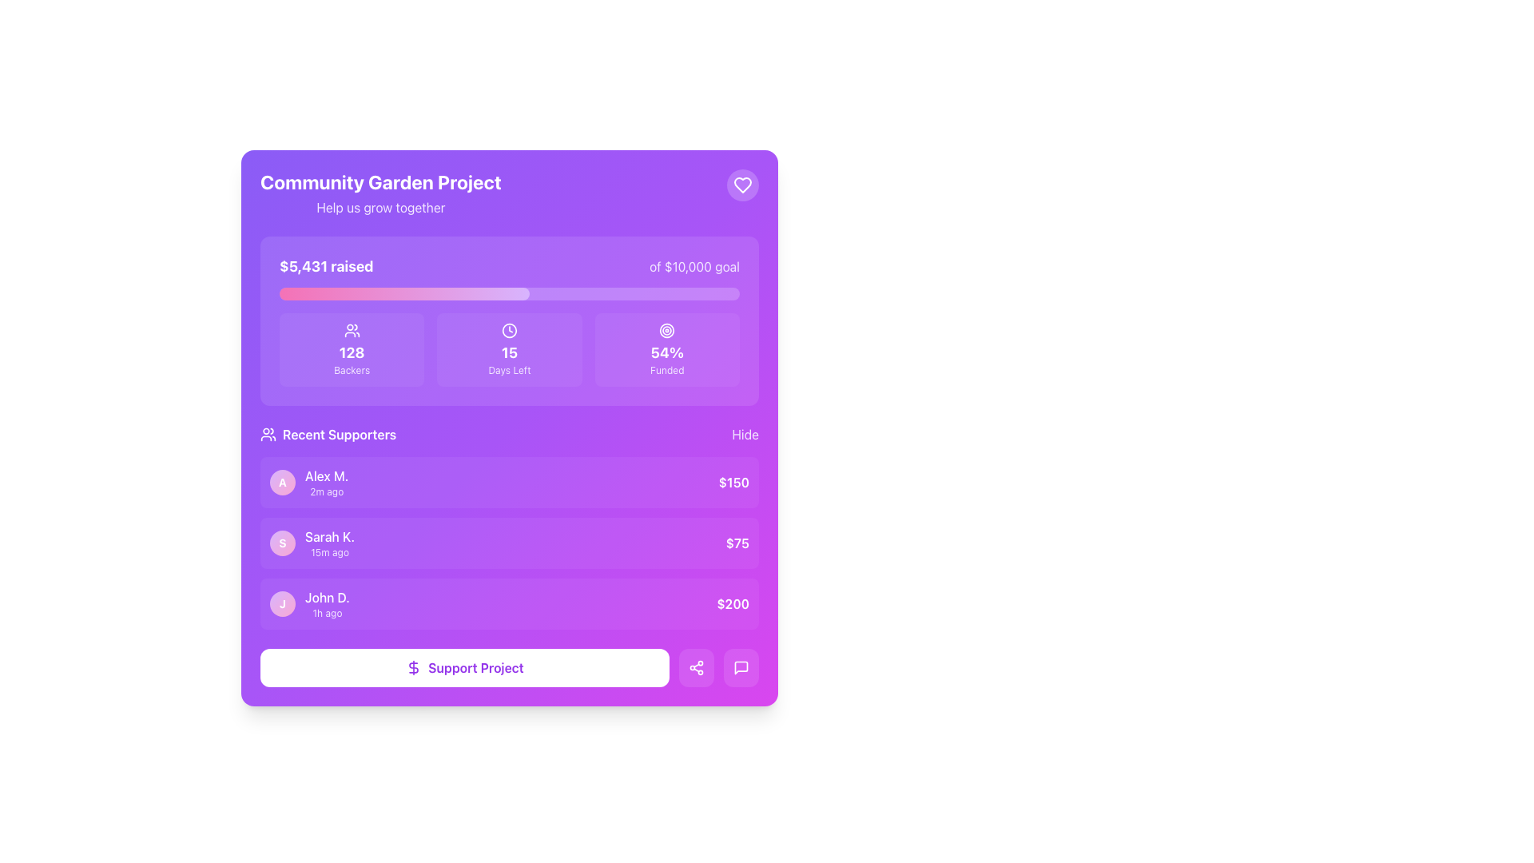 The height and width of the screenshot is (863, 1534). I want to click on the Icon button with a speech bubble design located at the bottom right corner of the panel, so click(740, 668).